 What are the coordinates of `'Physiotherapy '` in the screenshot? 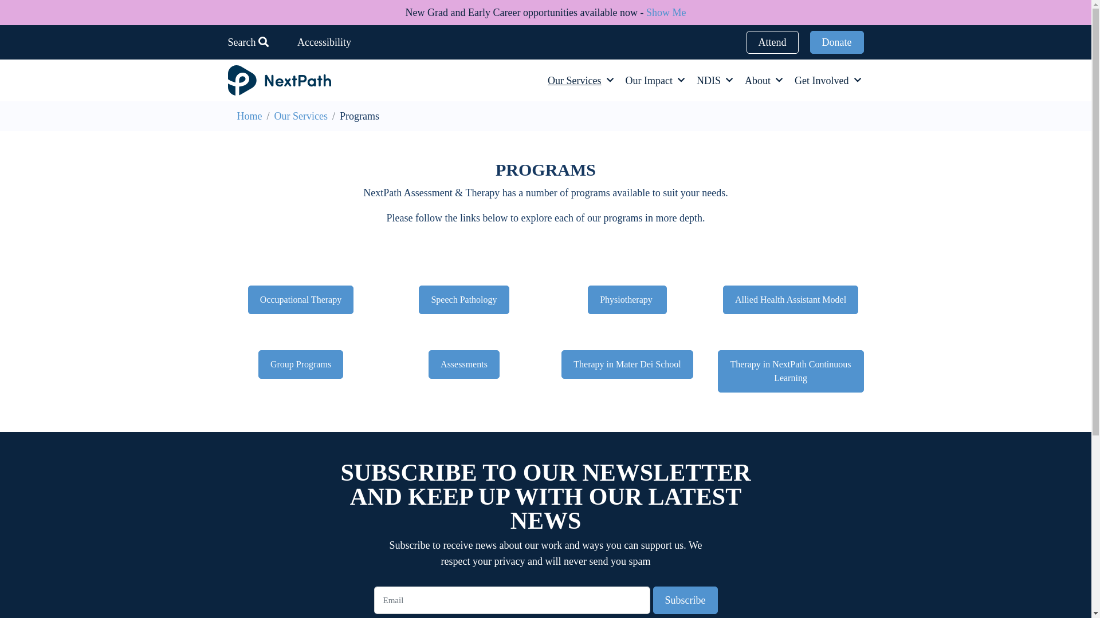 It's located at (626, 299).